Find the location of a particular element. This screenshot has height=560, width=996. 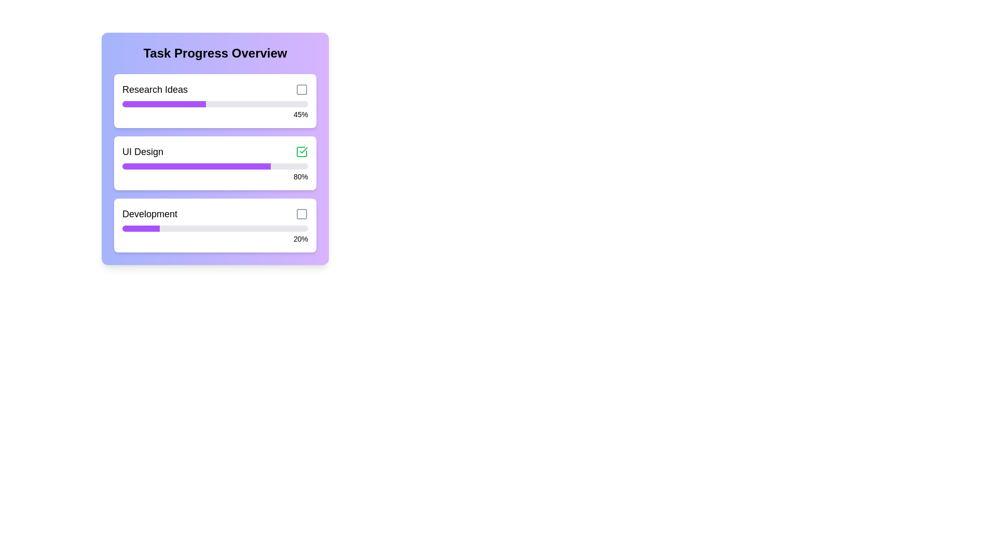

the status indicator icon representing the completion of the 'UI Design' task, located in the second task row, to visually indicate its status is located at coordinates (301, 152).